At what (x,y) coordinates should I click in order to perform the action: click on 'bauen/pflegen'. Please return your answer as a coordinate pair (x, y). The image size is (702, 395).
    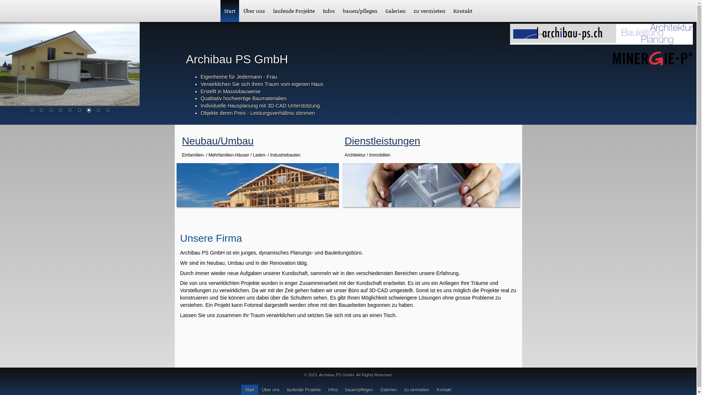
    Looking at the image, I should click on (339, 11).